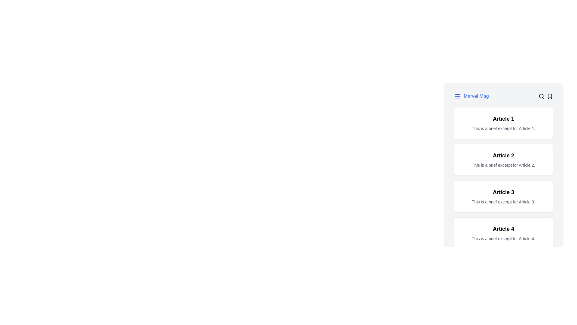 This screenshot has width=577, height=325. I want to click on bold title text 'Article 1' which is prominently displayed at the top of the card section, centered horizontally and styled with a larger font size, so click(503, 119).